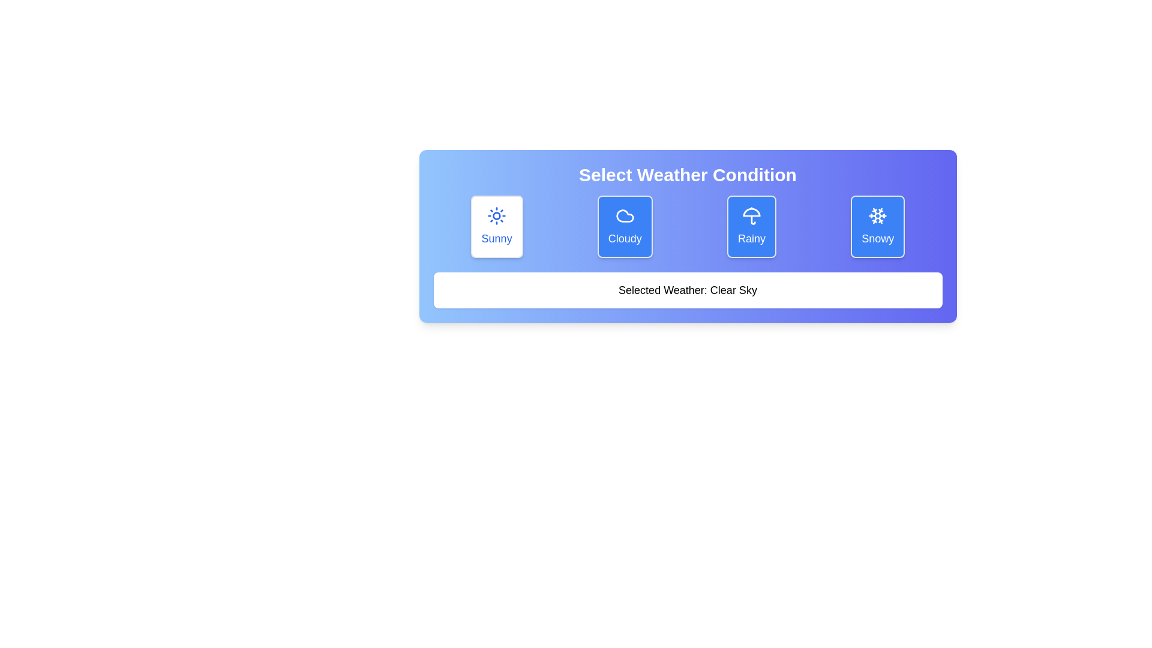 The height and width of the screenshot is (648, 1152). I want to click on the text label displaying 'Sunny' styled in blue, which is located below the sun icon within the weather selection area, so click(497, 238).